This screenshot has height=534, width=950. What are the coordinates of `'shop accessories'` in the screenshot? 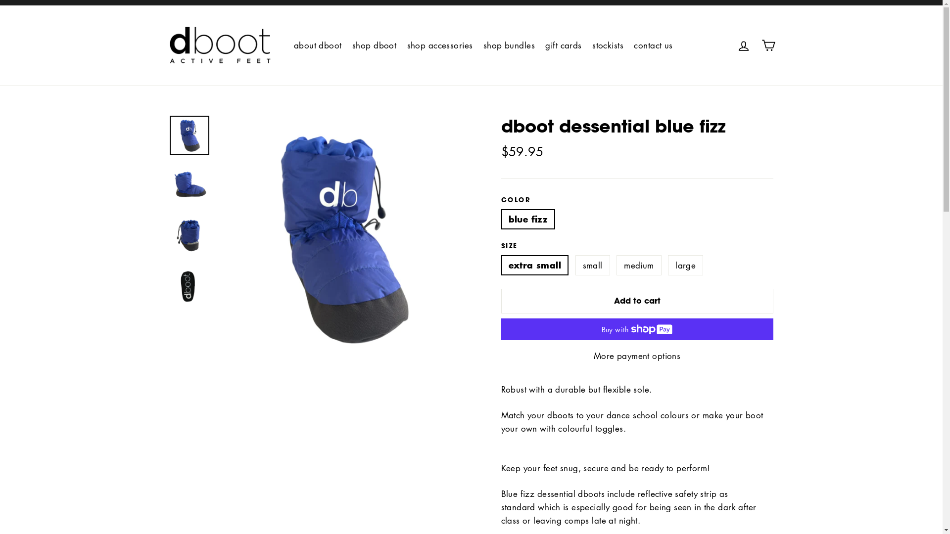 It's located at (439, 45).